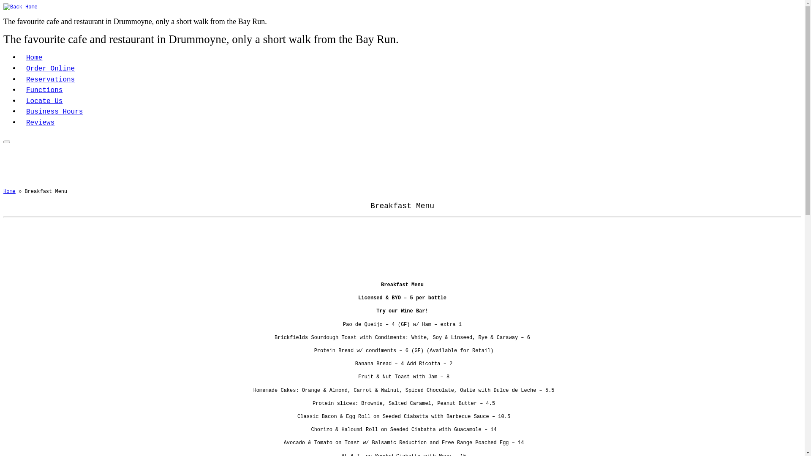 The width and height of the screenshot is (811, 456). I want to click on 'Reservations', so click(20, 80).